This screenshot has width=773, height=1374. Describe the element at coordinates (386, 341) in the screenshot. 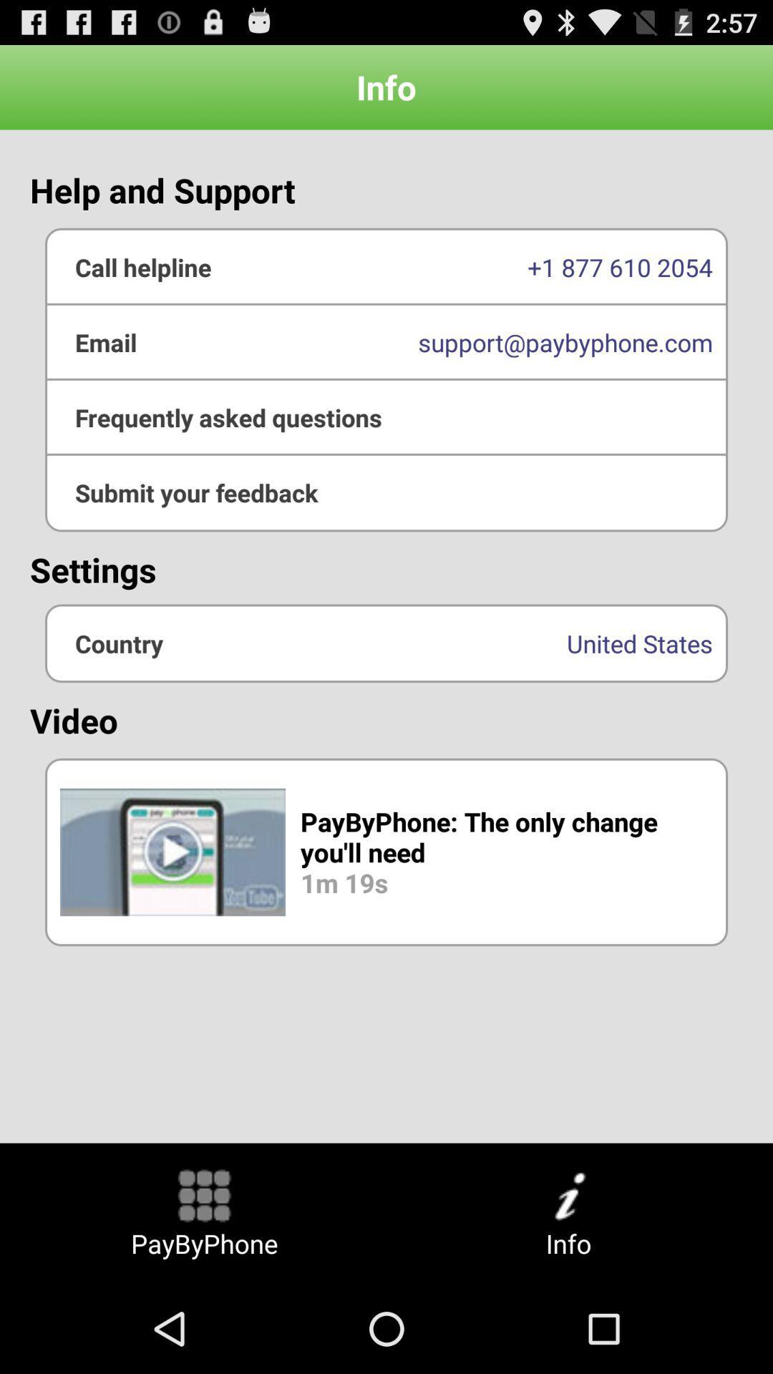

I see `the support@paybyphone.com` at that location.